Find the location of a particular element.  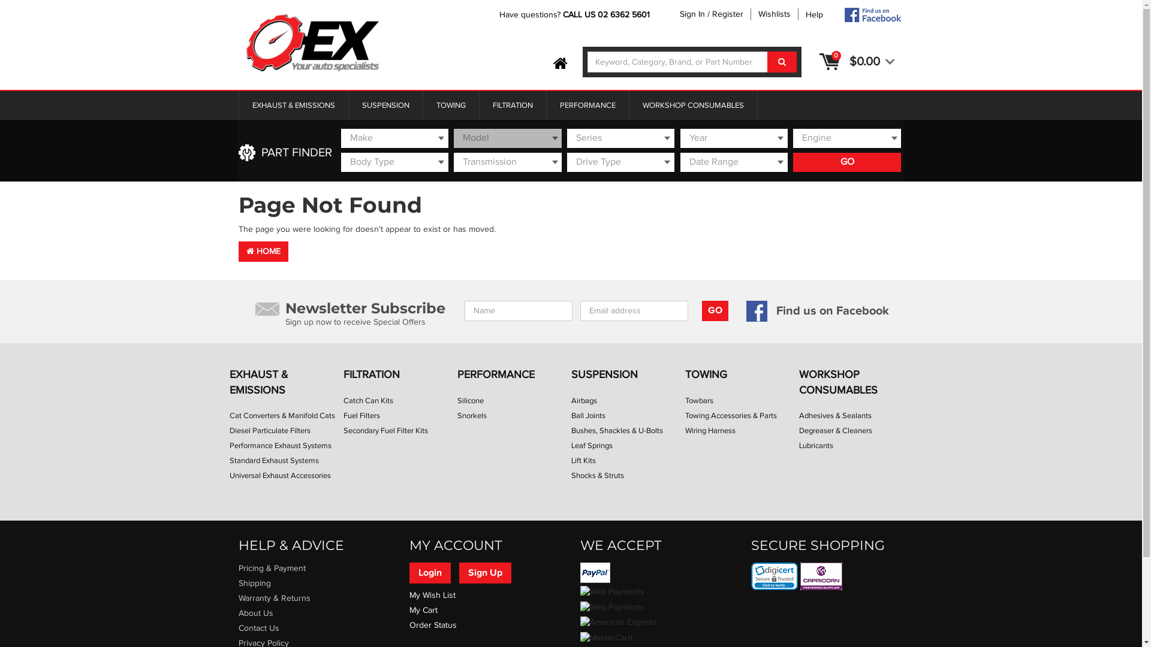

'Lubricants' is located at coordinates (815, 446).